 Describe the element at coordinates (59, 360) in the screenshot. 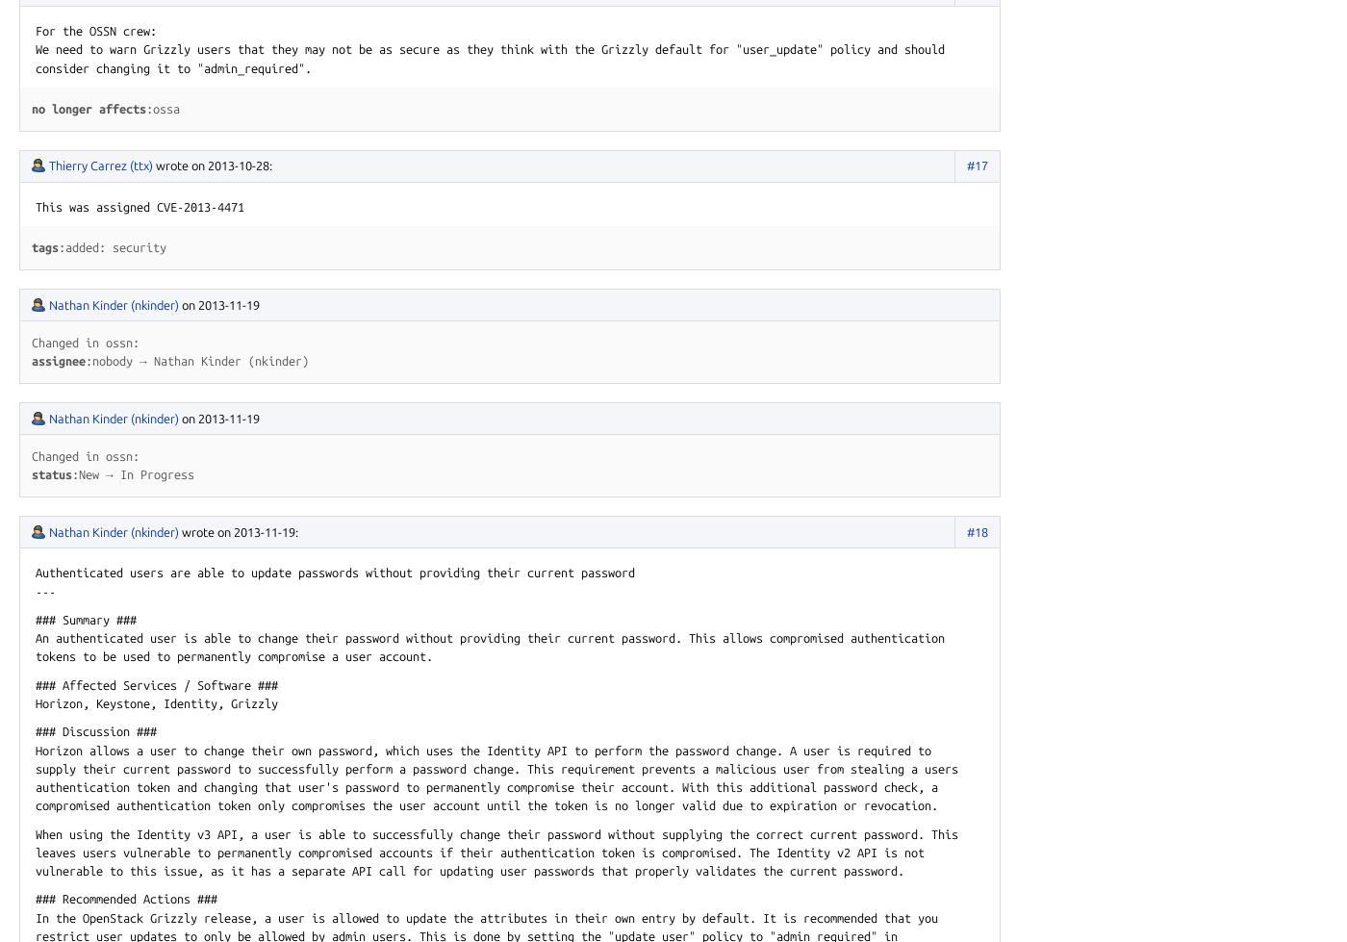

I see `'assignee'` at that location.